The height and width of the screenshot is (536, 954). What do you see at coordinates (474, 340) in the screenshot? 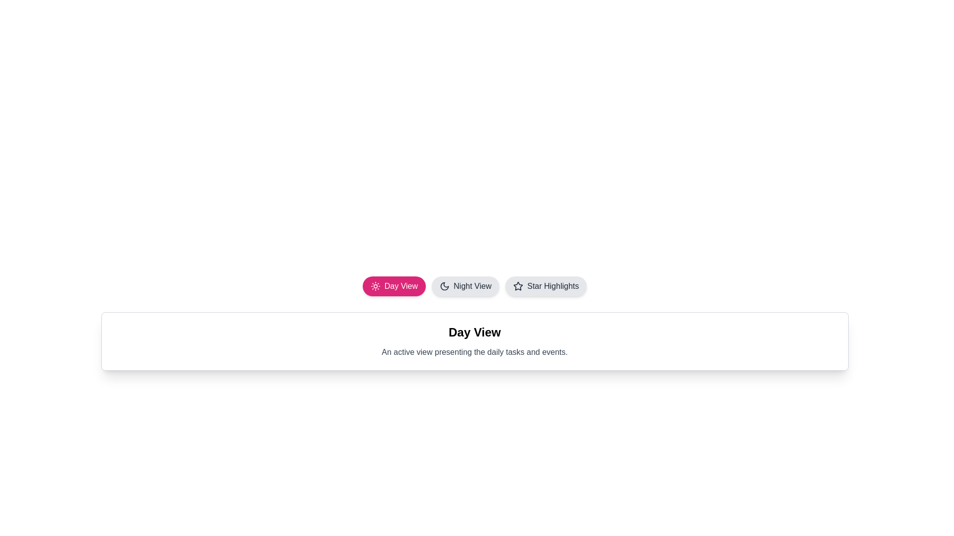
I see `the content text to select it` at bounding box center [474, 340].